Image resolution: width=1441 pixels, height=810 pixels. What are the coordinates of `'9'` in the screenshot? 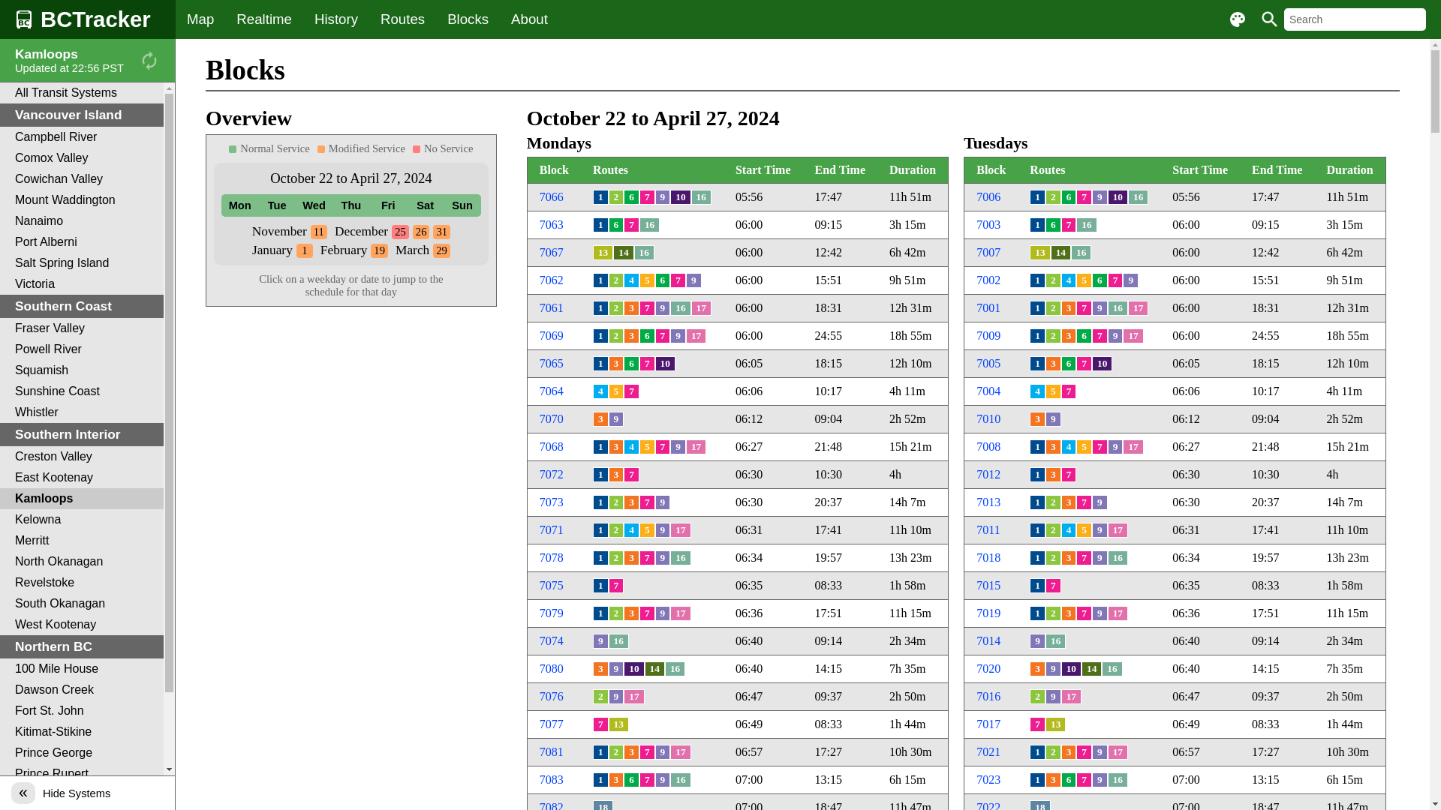 It's located at (616, 419).